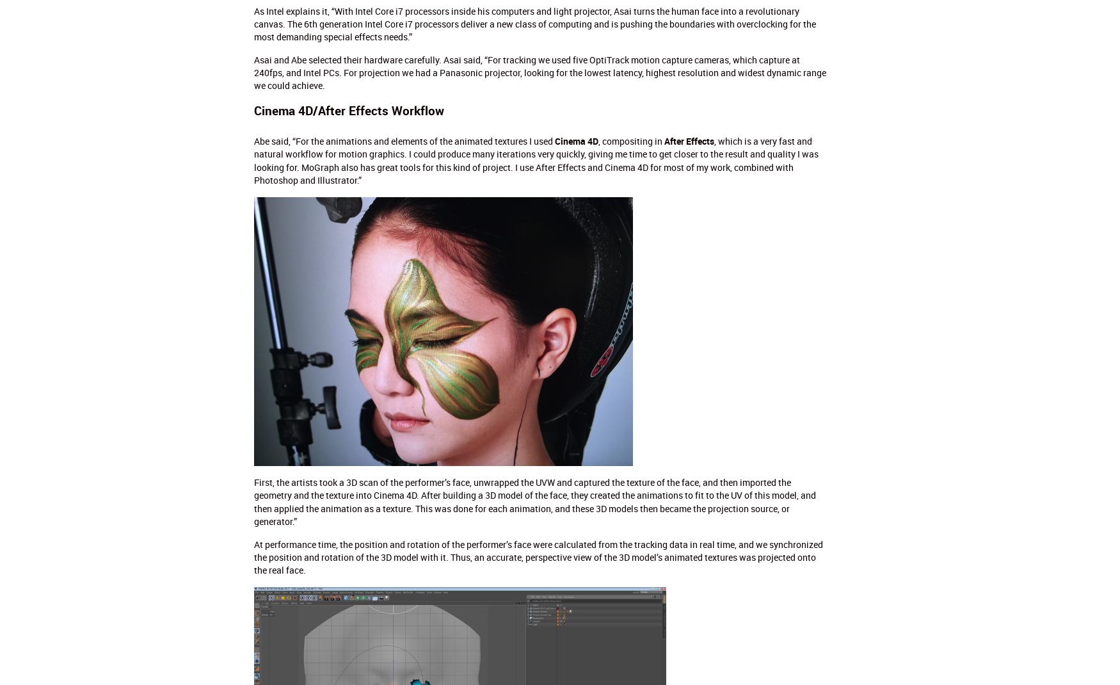  I want to click on 'After Effects', so click(661, 140).